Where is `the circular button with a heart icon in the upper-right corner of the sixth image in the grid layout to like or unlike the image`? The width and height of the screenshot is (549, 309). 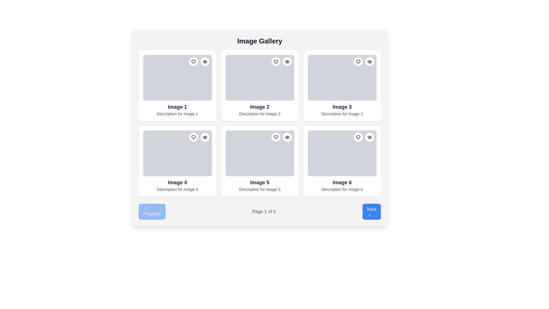 the circular button with a heart icon in the upper-right corner of the sixth image in the grid layout to like or unlike the image is located at coordinates (358, 137).